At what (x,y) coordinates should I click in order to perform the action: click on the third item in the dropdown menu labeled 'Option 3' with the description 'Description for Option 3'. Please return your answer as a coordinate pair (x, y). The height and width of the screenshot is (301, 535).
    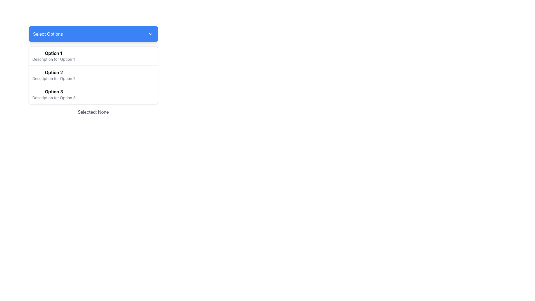
    Looking at the image, I should click on (93, 94).